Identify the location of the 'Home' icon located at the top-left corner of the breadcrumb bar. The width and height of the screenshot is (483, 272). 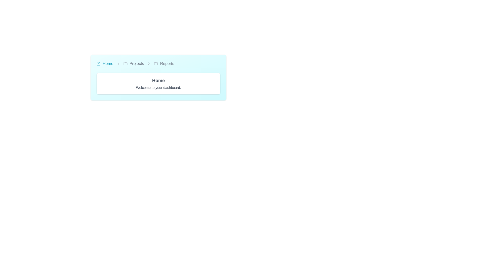
(99, 63).